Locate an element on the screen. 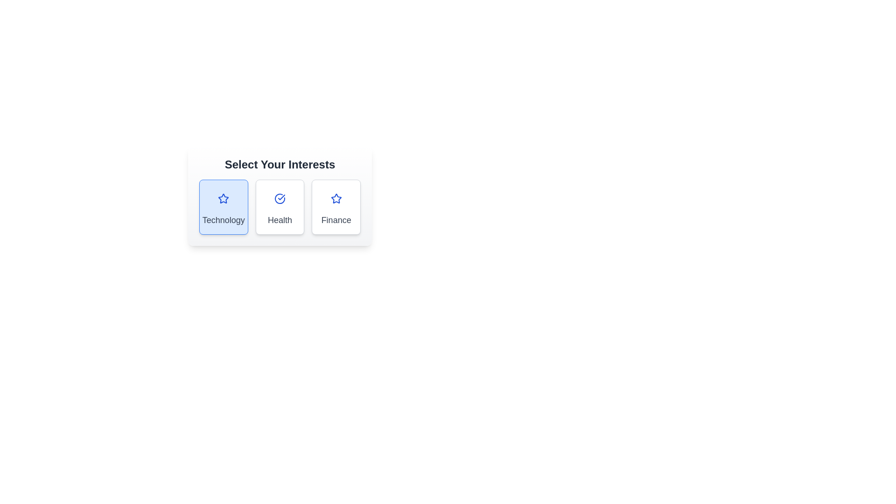  the category Technology is located at coordinates (223, 206).